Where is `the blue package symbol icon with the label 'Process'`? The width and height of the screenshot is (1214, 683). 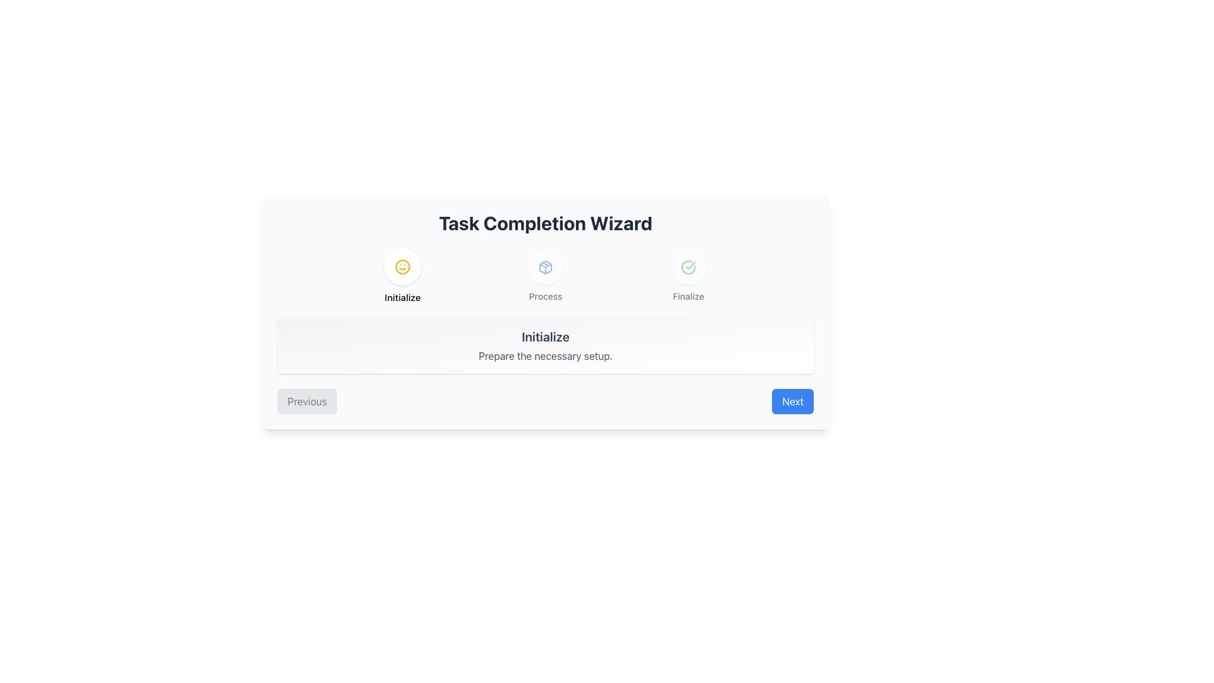
the blue package symbol icon with the label 'Process' is located at coordinates (546, 275).